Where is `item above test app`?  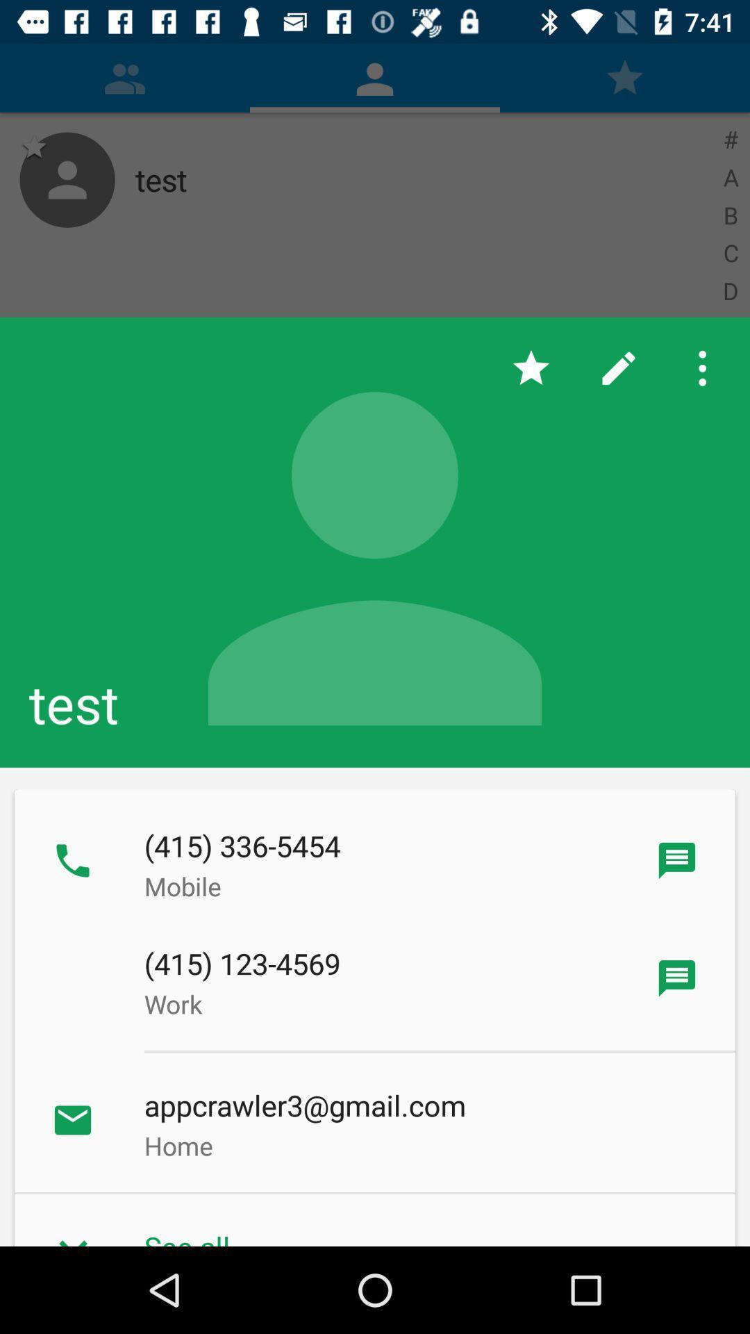 item above test app is located at coordinates (706, 368).